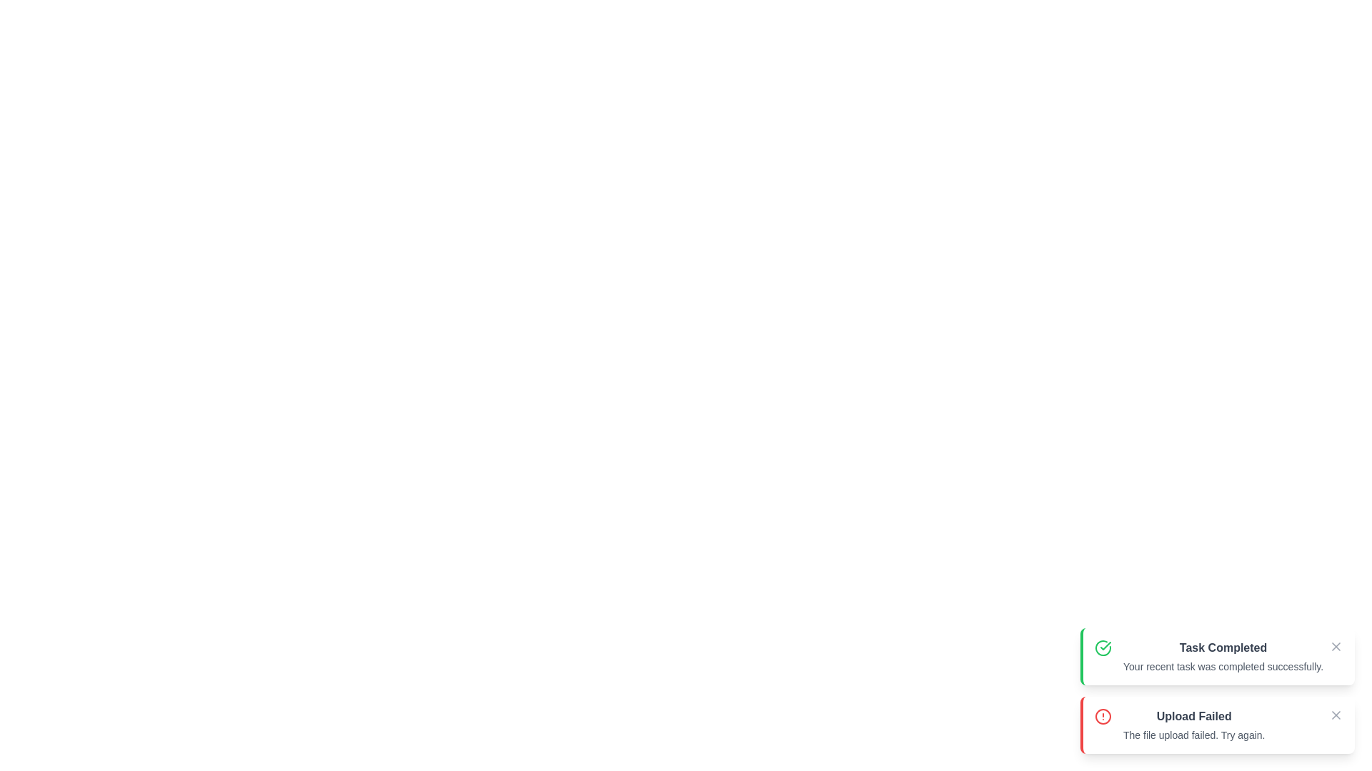 The width and height of the screenshot is (1372, 771). I want to click on the 'Task Completed' title to focus on it, so click(1223, 647).